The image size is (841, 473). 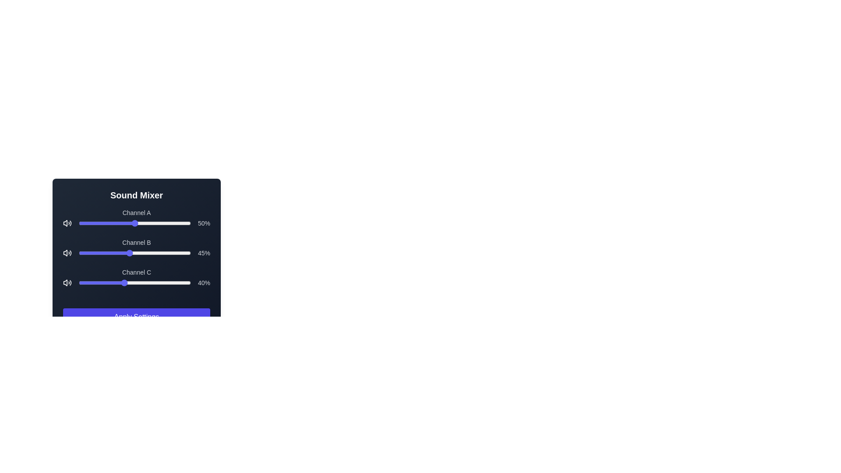 What do you see at coordinates (167, 253) in the screenshot?
I see `the Channel B volume` at bounding box center [167, 253].